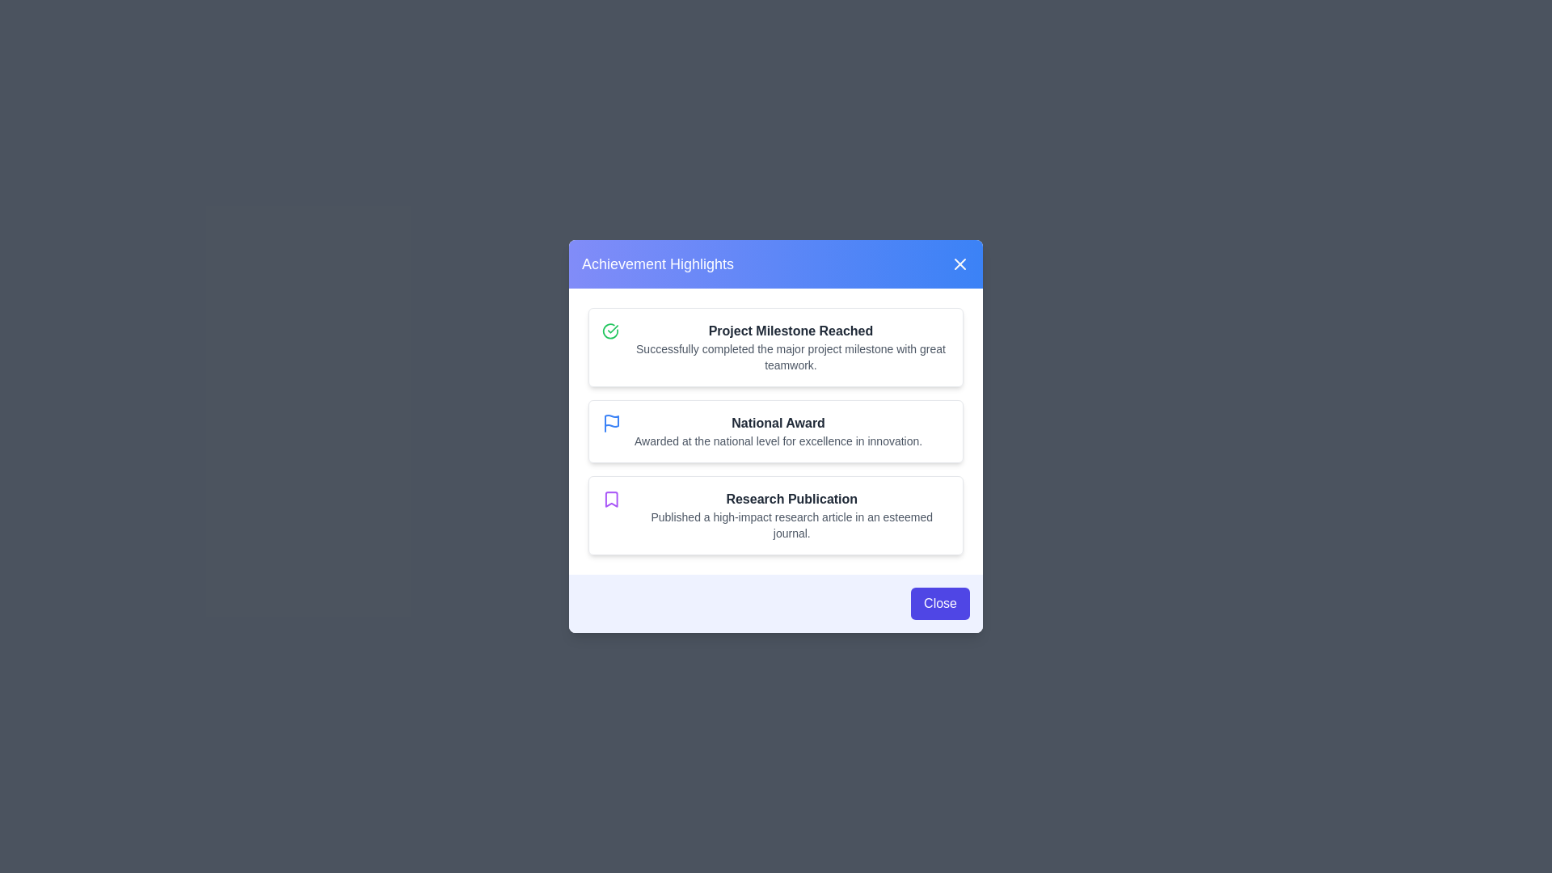 The image size is (1552, 873). What do you see at coordinates (776, 346) in the screenshot?
I see `text from the first Informational card under the heading 'Achievement Highlights' in the blue modal window` at bounding box center [776, 346].